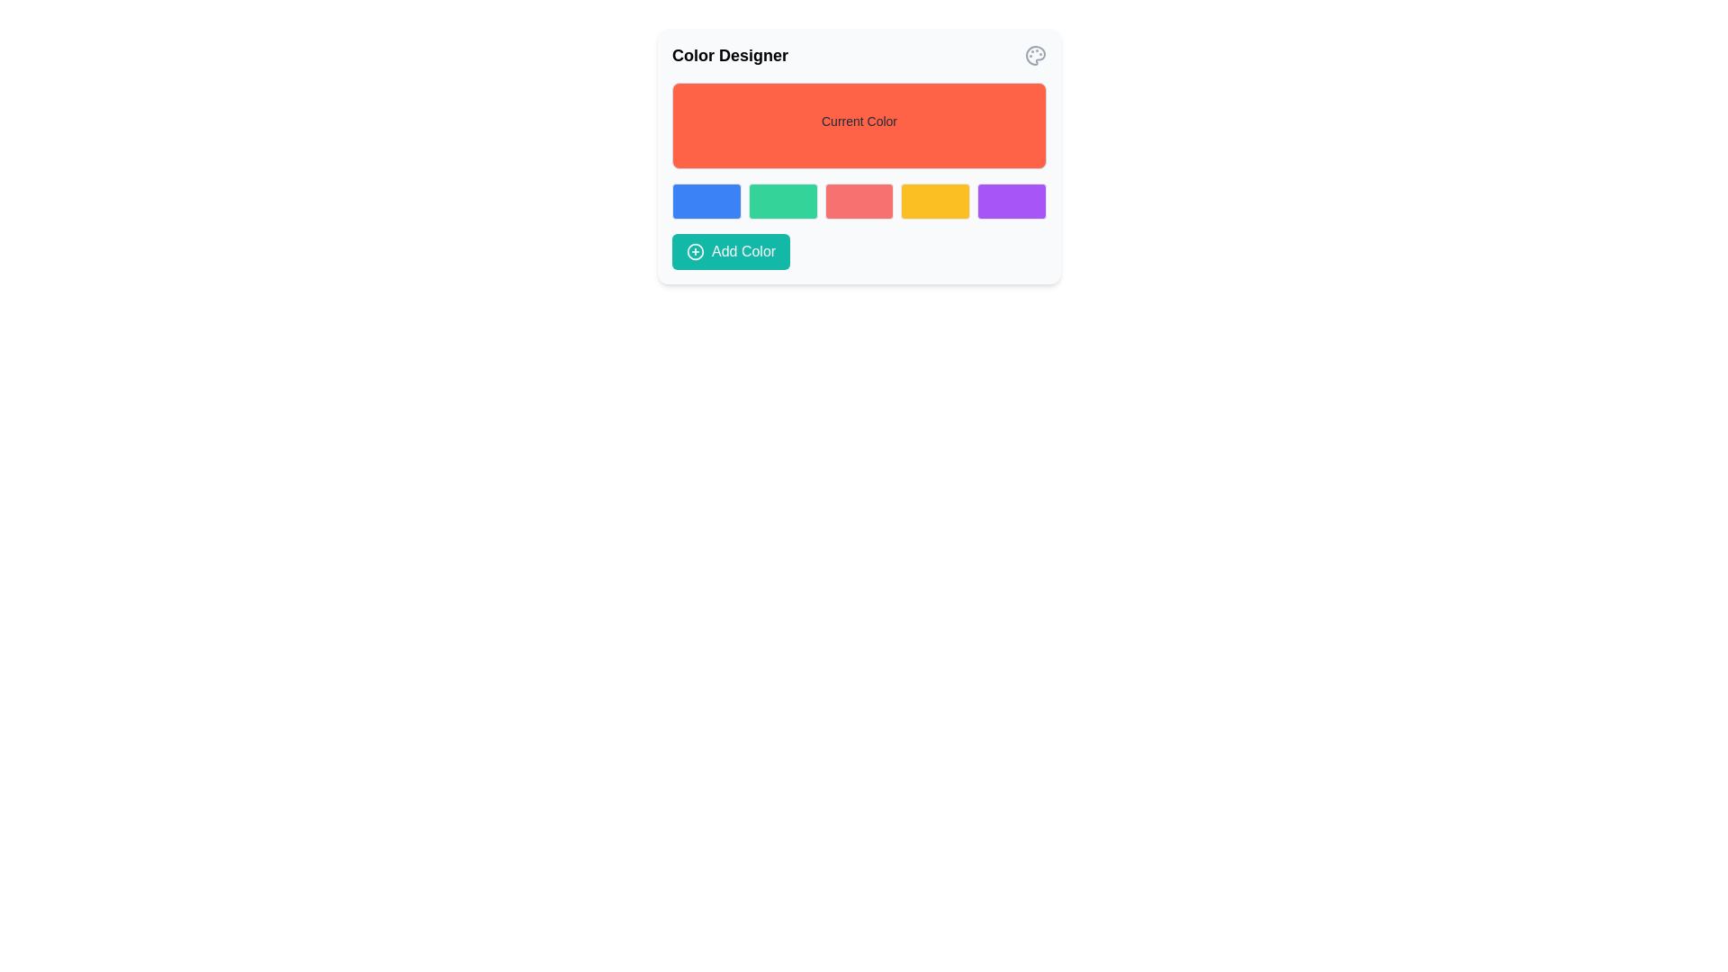 The height and width of the screenshot is (972, 1728). What do you see at coordinates (694, 252) in the screenshot?
I see `the circular icon component centered within the 'Add Color' button at the bottom left of the 'Color Designer' card` at bounding box center [694, 252].